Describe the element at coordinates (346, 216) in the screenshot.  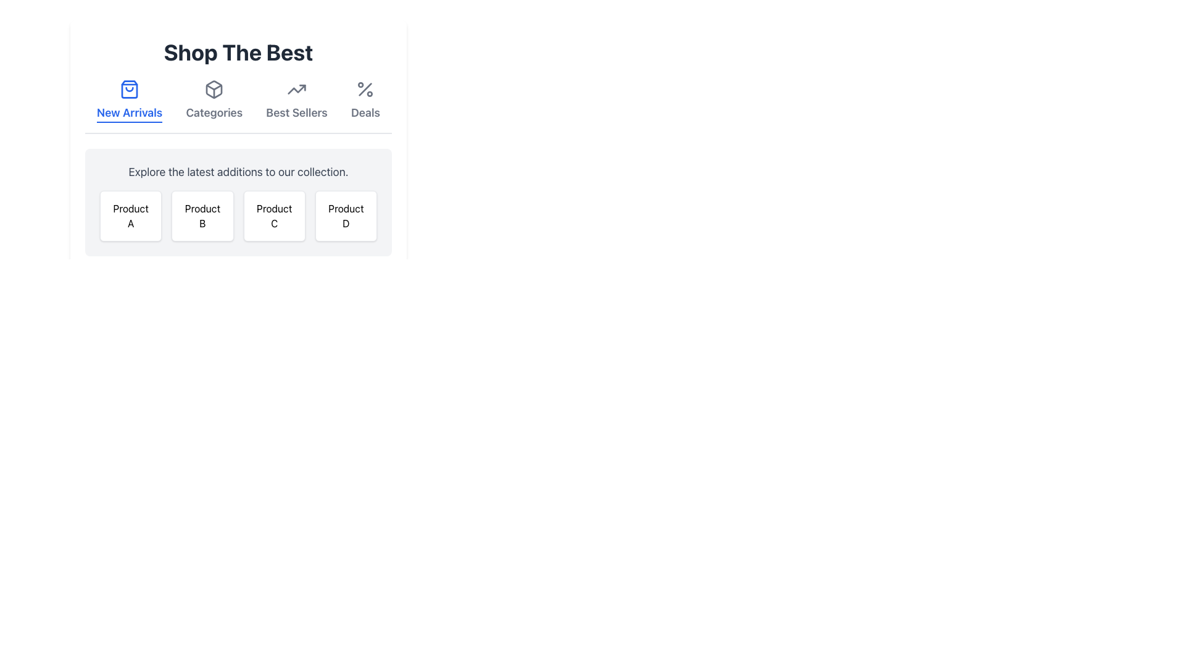
I see `the Text label displaying 'Product D', which is part of the grid layout under the section 'Explore the latest additions to our collection.'` at that location.